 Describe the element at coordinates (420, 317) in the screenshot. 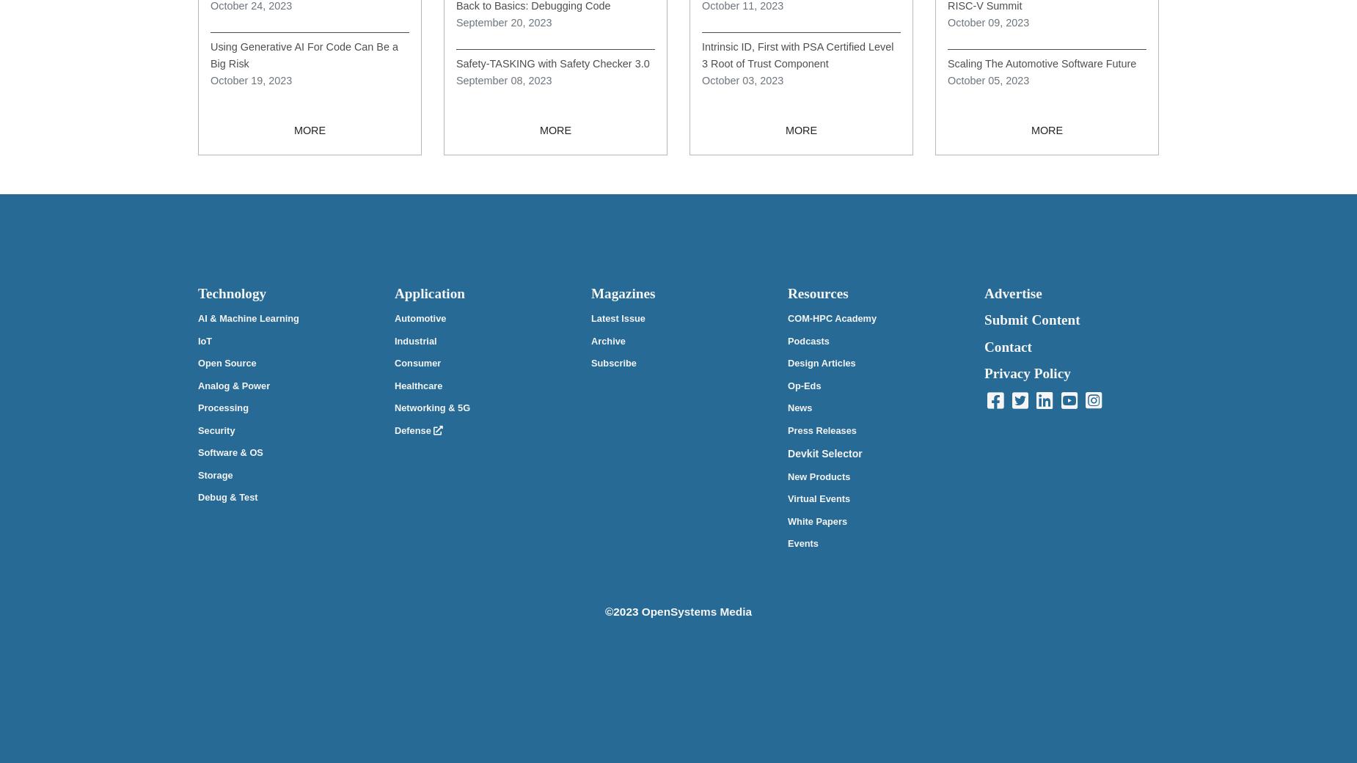

I see `'Automotive'` at that location.